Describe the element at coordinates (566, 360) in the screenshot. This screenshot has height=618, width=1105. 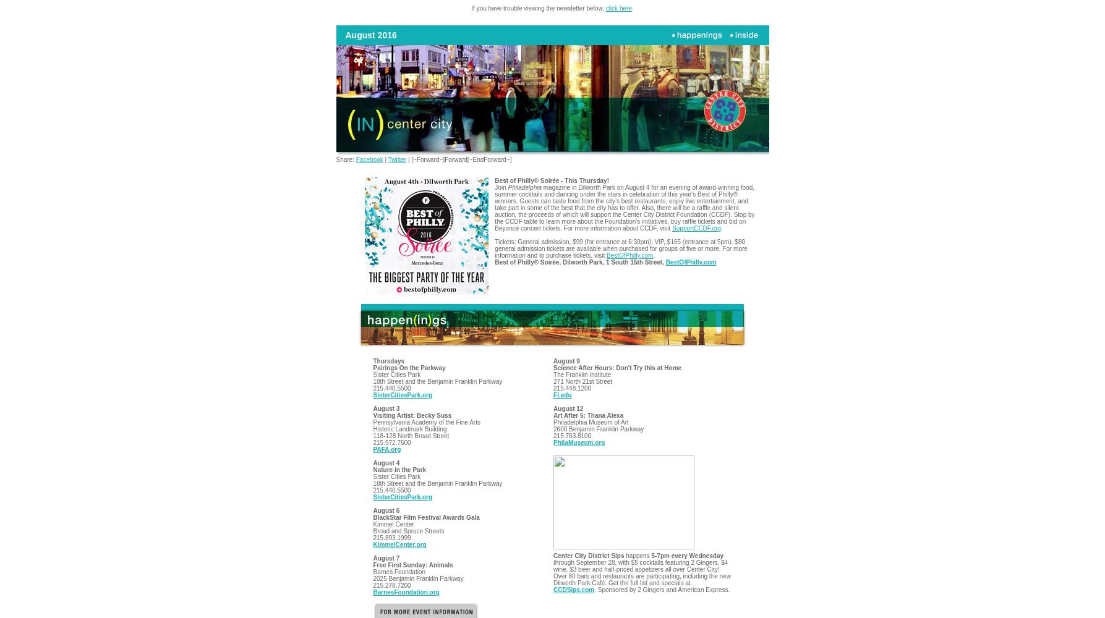
I see `'August 9'` at that location.